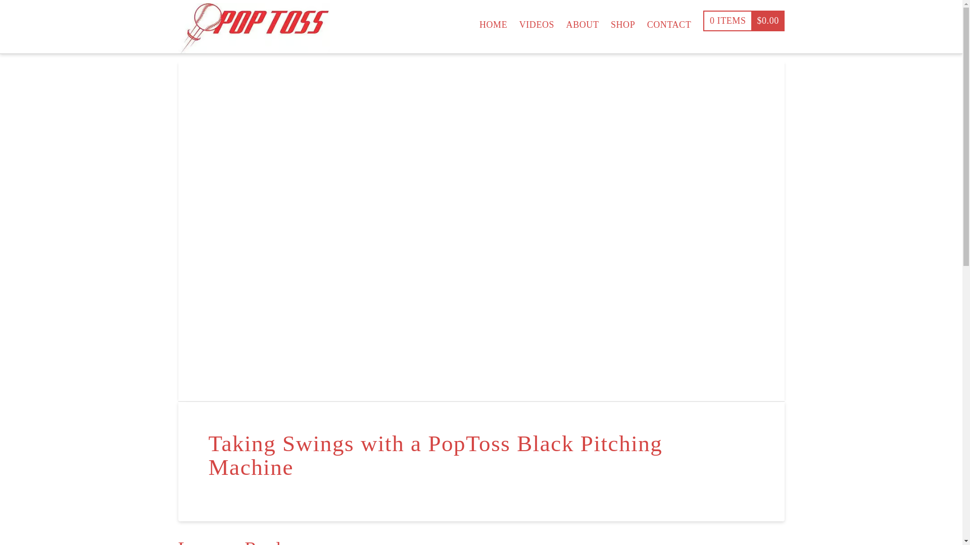 The image size is (970, 545). What do you see at coordinates (536, 20) in the screenshot?
I see `'VIDEOS'` at bounding box center [536, 20].